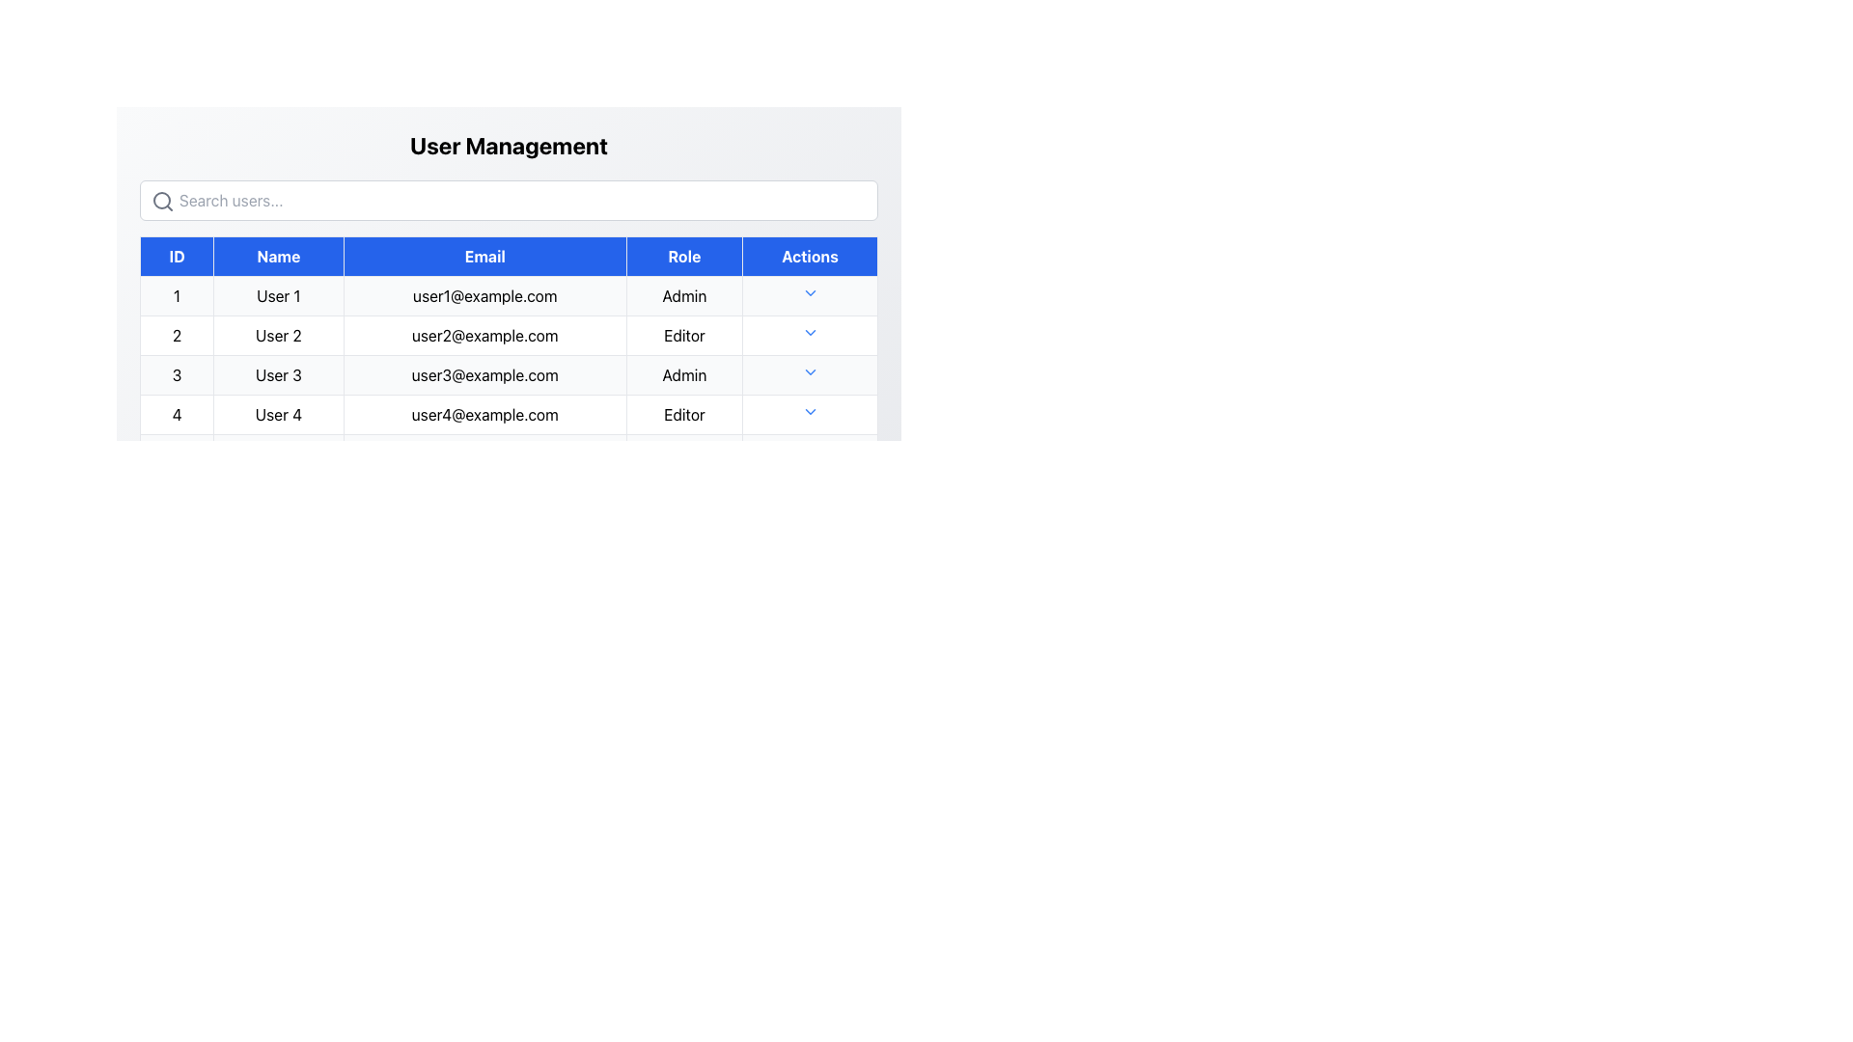  Describe the element at coordinates (484, 334) in the screenshot. I see `to select or highlight the email displayed as 'user2@example.com' in the third column of the table dedicated to 'User 2'` at that location.